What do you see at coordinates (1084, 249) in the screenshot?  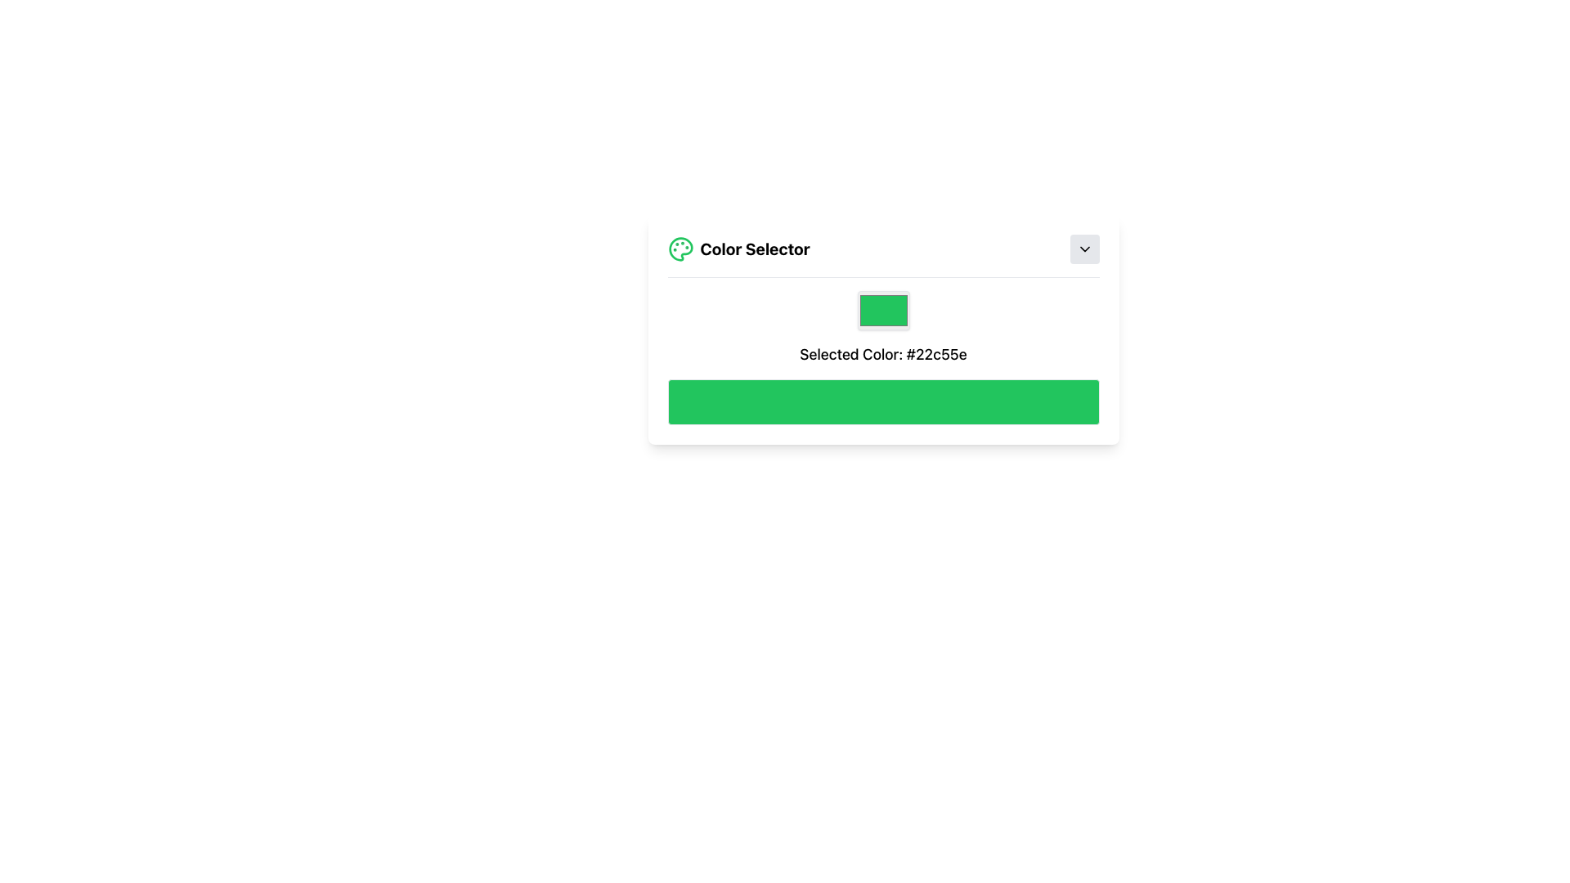 I see `the Dropdown Indicator (Chevron Icon) in the top-right corner of the color picker interface` at bounding box center [1084, 249].